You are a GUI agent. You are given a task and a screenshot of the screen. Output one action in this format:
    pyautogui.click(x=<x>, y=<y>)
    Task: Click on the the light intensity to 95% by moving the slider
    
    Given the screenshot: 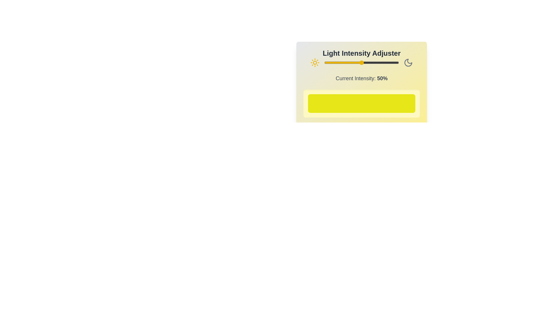 What is the action you would take?
    pyautogui.click(x=395, y=63)
    